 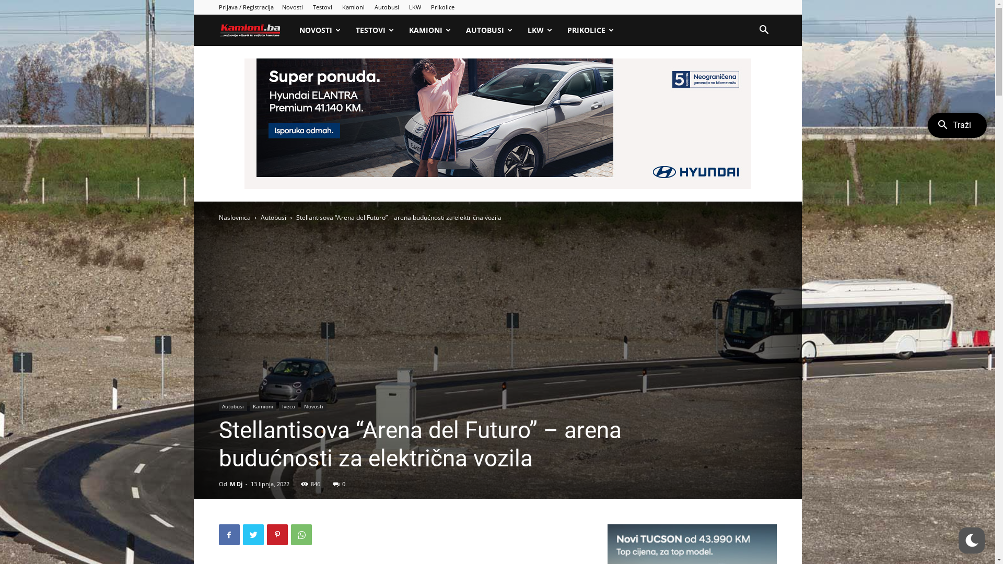 I want to click on 'Pretraga', so click(x=744, y=74).